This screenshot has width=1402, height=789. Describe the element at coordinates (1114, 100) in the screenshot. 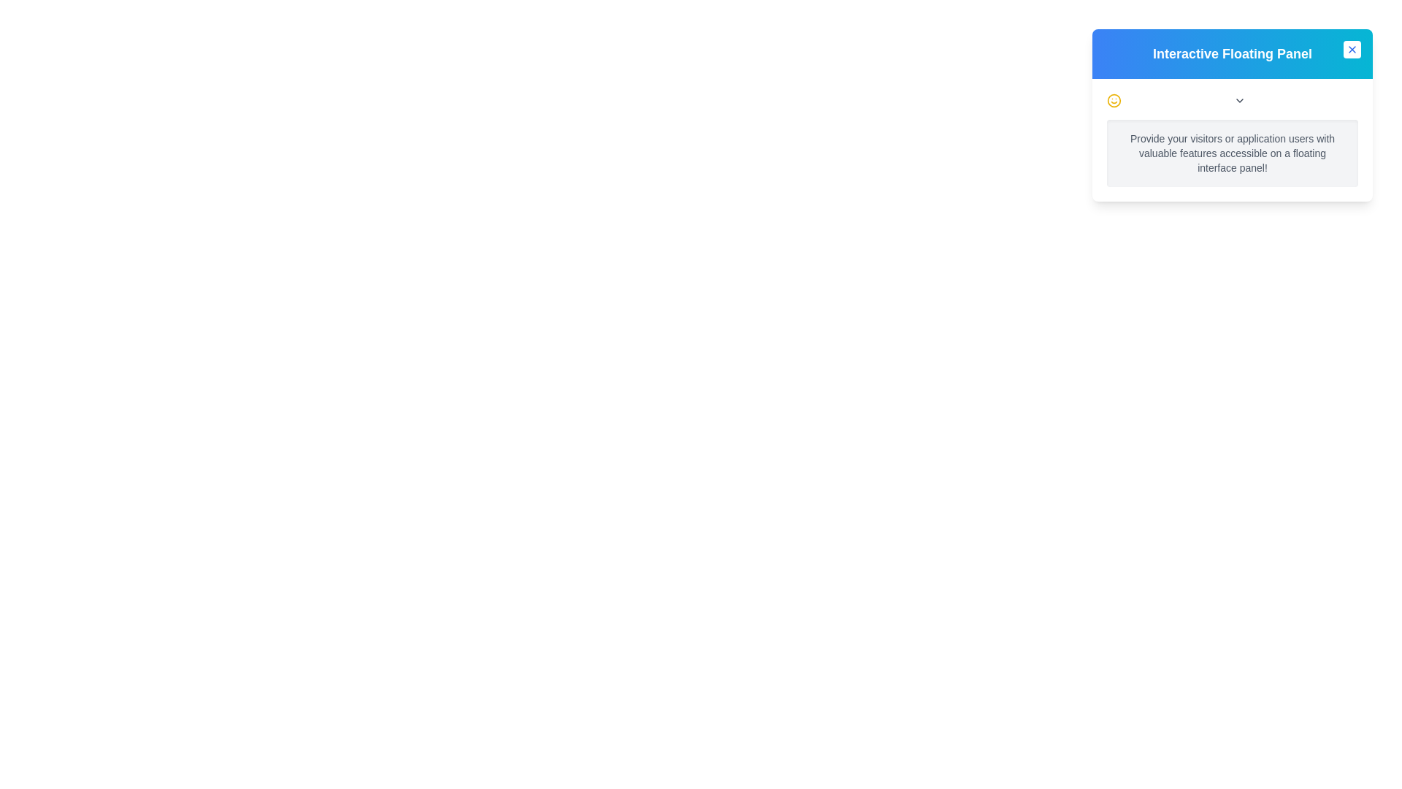

I see `the circular SVG element that is part of the smiley face design in the 'Interactive Floating Panel'` at that location.